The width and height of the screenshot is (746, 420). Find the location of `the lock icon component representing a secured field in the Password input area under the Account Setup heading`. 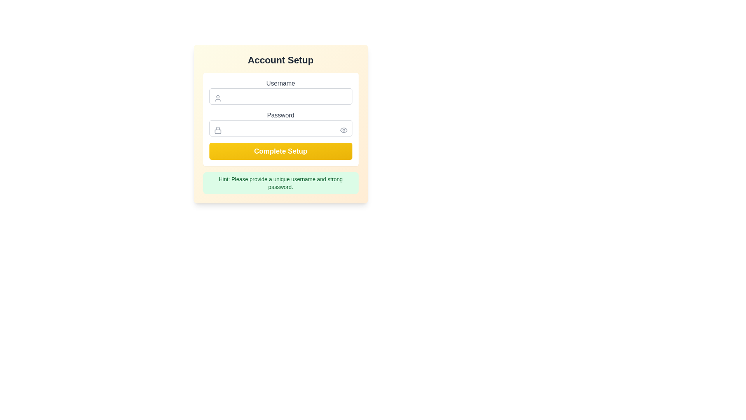

the lock icon component representing a secured field in the Password input area under the Account Setup heading is located at coordinates (218, 131).